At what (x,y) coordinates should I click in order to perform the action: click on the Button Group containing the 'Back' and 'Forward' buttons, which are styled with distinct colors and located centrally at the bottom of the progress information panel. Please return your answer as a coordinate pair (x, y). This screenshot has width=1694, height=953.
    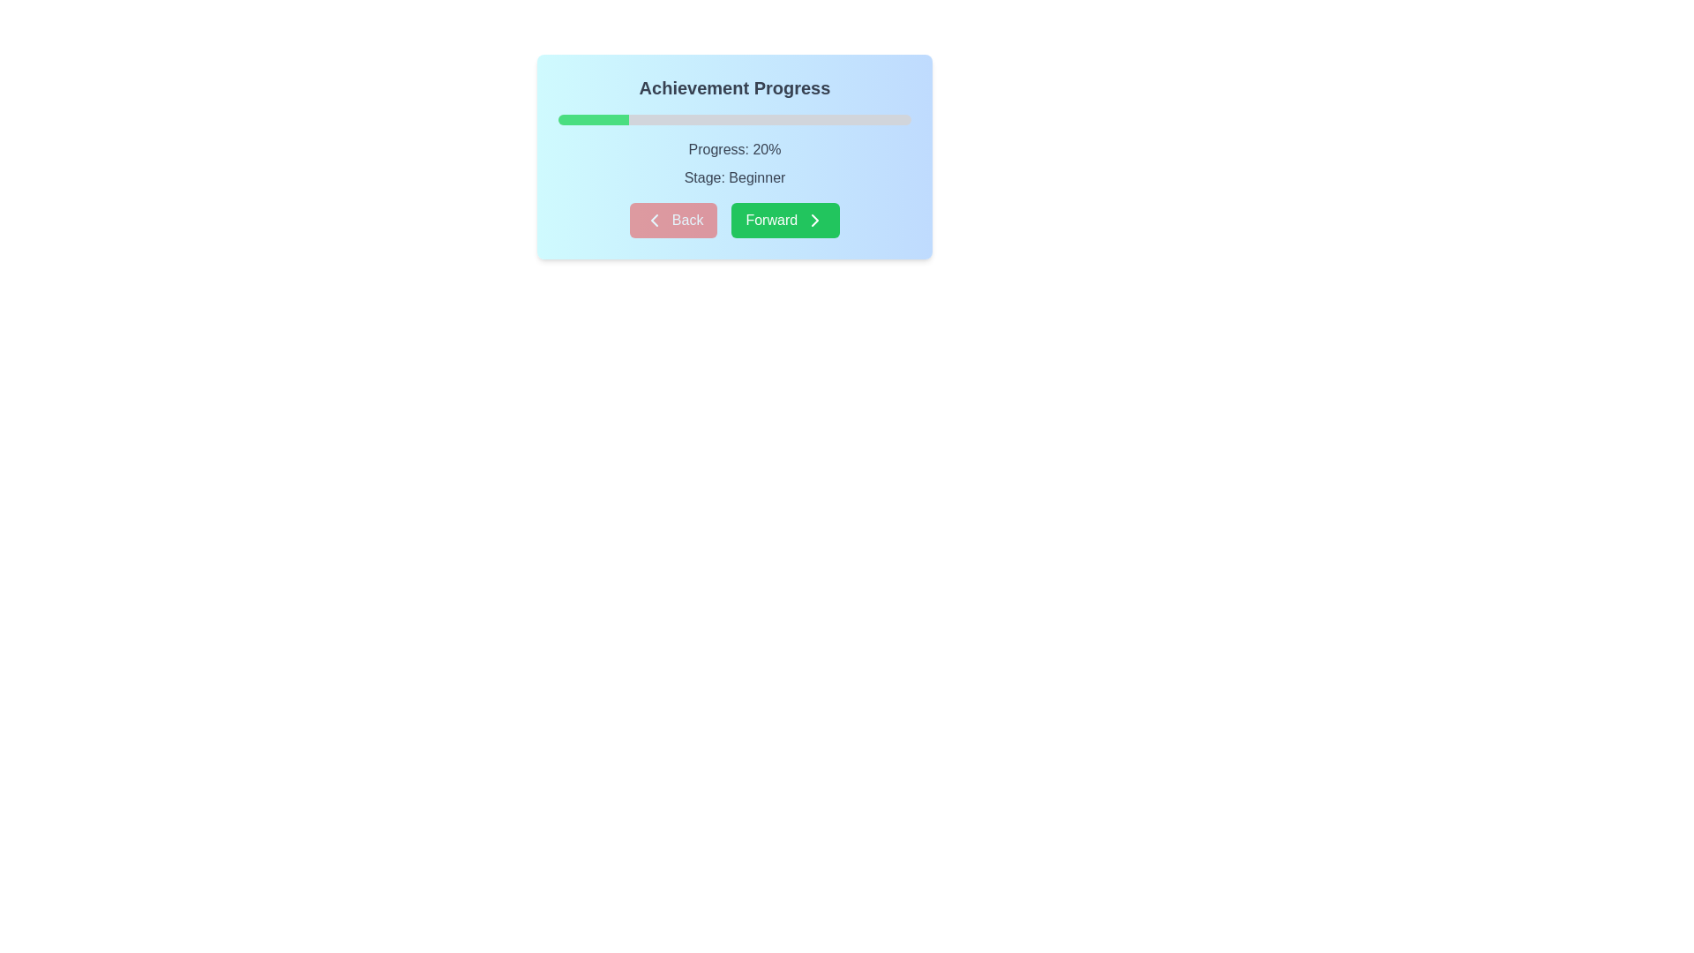
    Looking at the image, I should click on (735, 220).